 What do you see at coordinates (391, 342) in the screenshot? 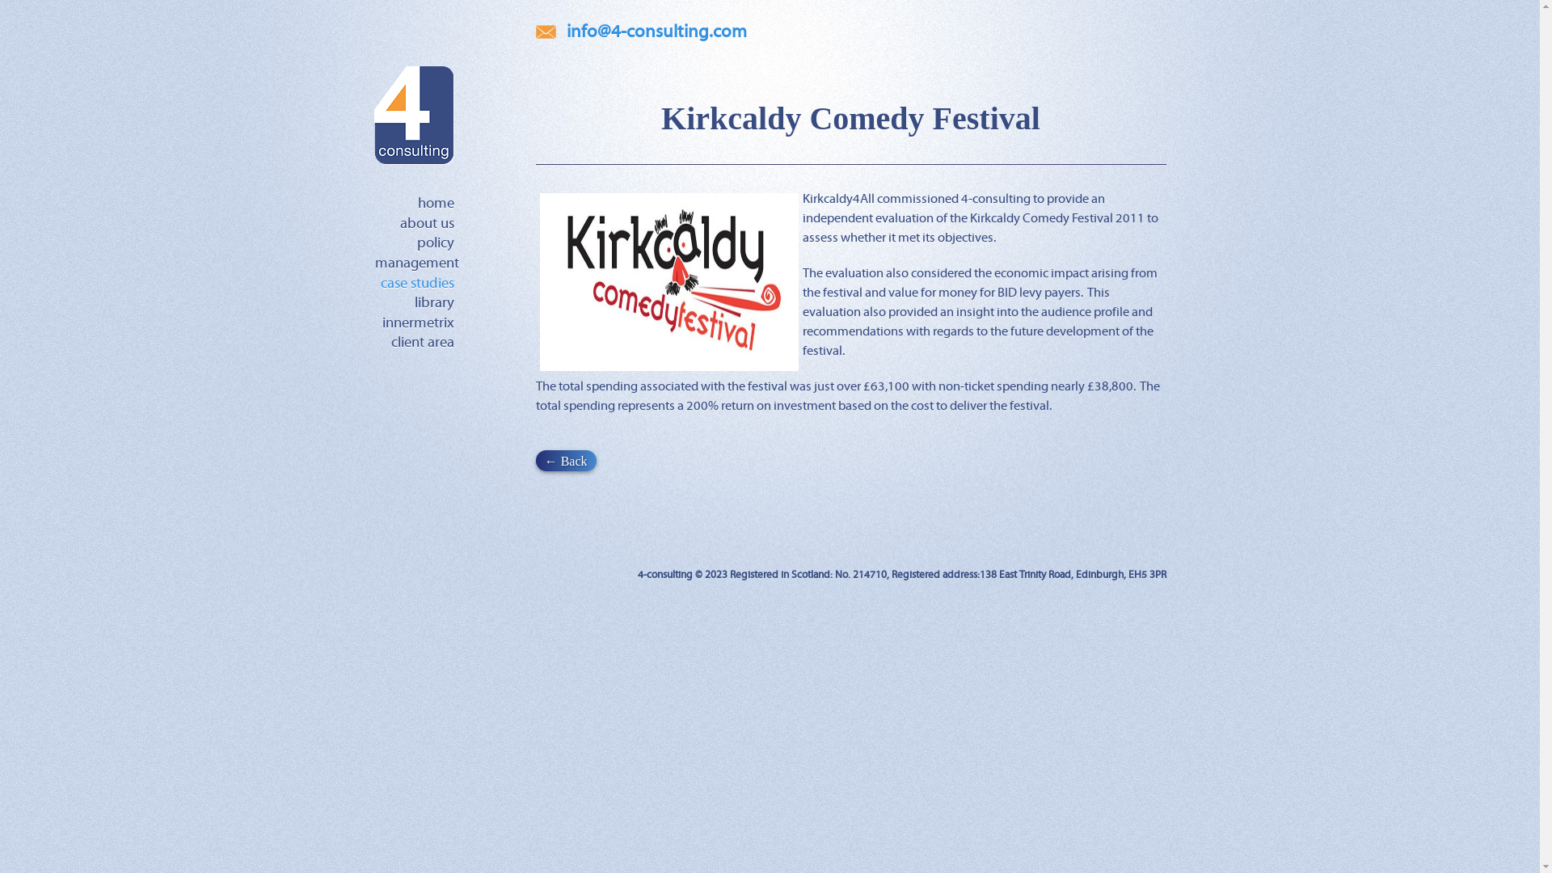
I see `'client area'` at bounding box center [391, 342].